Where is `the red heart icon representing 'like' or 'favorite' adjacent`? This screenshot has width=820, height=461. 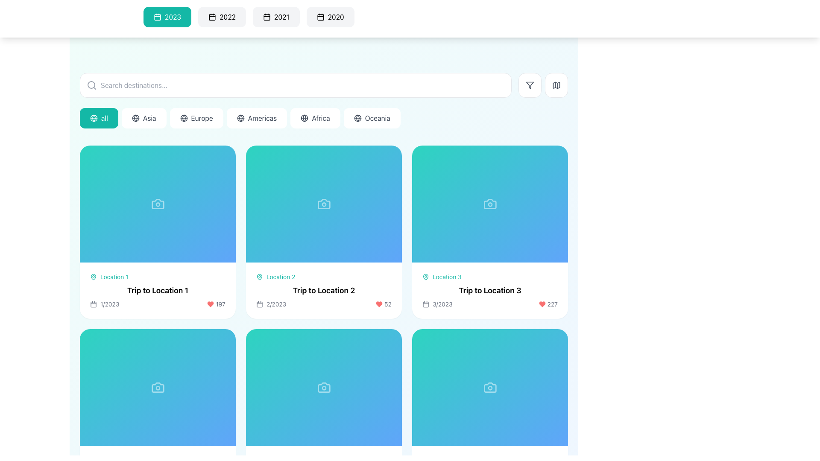 the red heart icon representing 'like' or 'favorite' adjacent is located at coordinates (542, 303).